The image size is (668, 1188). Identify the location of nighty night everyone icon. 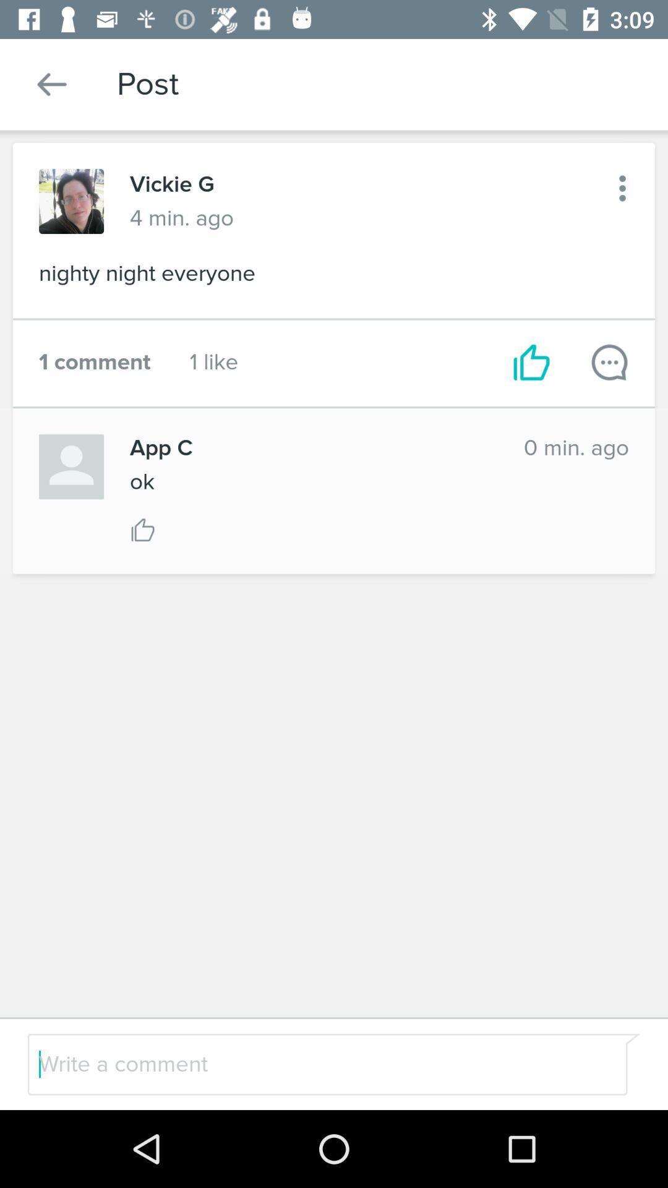
(334, 277).